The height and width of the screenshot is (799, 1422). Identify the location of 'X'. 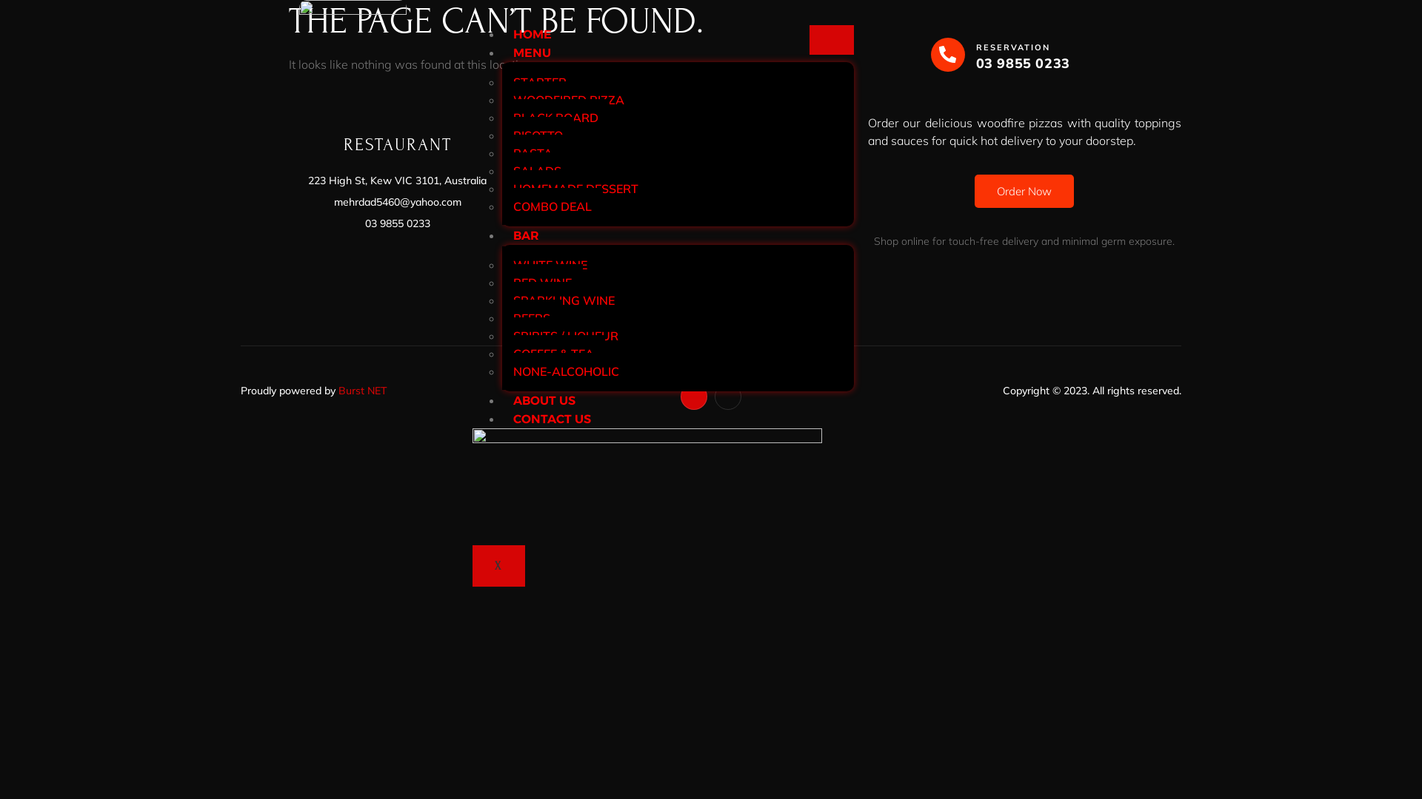
(498, 565).